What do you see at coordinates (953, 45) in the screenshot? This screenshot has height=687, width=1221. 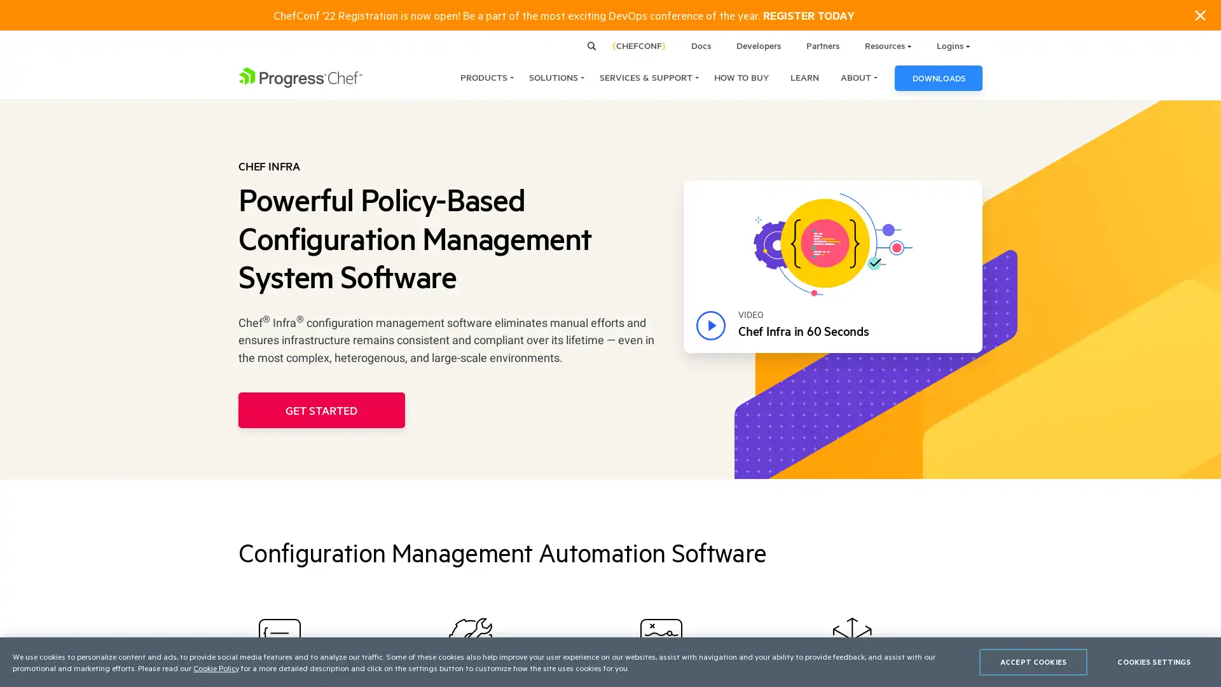 I see `Logins` at bounding box center [953, 45].